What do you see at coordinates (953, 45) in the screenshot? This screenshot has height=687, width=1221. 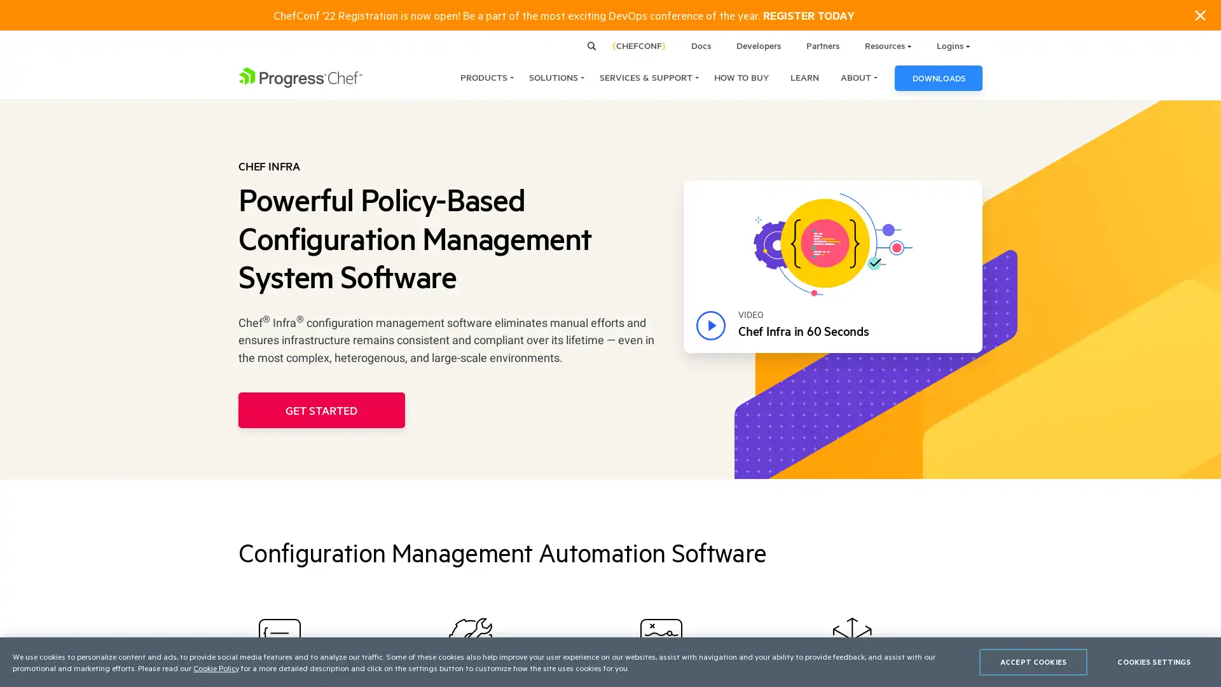 I see `Logins` at bounding box center [953, 45].